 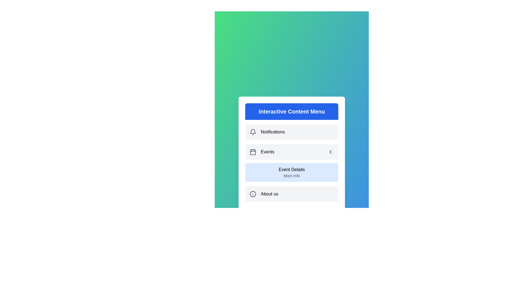 I want to click on the 'Events' menu item to toggle the visibility of its submenu, so click(x=291, y=152).